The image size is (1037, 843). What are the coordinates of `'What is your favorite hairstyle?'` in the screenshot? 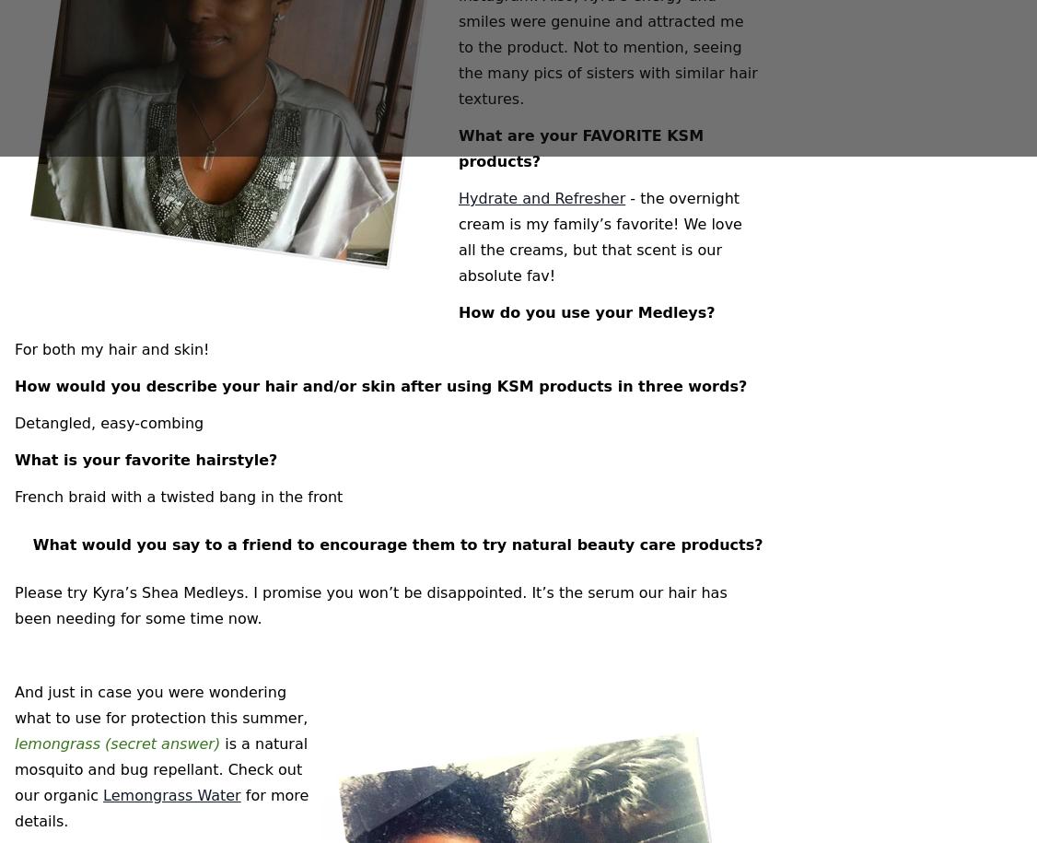 It's located at (146, 459).